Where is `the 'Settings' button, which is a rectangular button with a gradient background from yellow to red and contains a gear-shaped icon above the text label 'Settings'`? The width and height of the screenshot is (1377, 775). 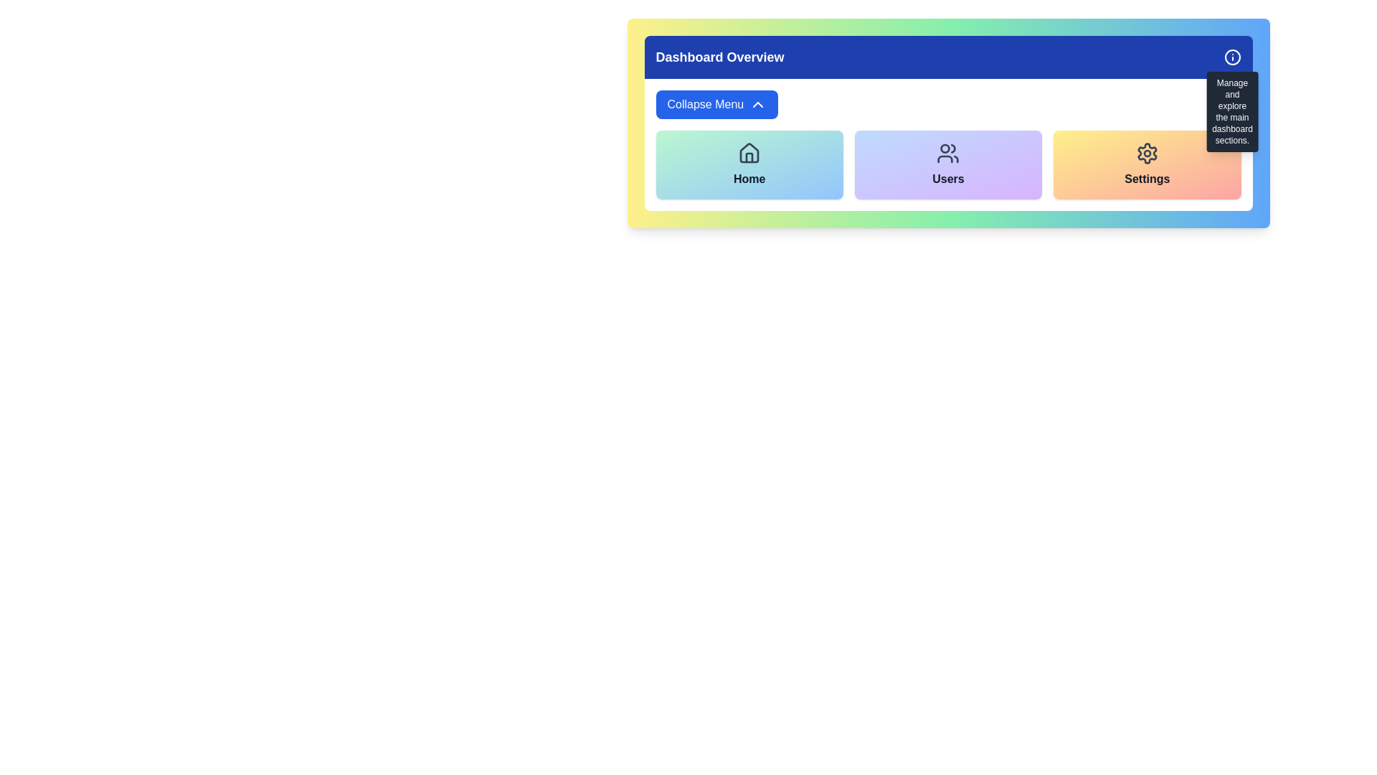 the 'Settings' button, which is a rectangular button with a gradient background from yellow to red and contains a gear-shaped icon above the text label 'Settings' is located at coordinates (1146, 164).